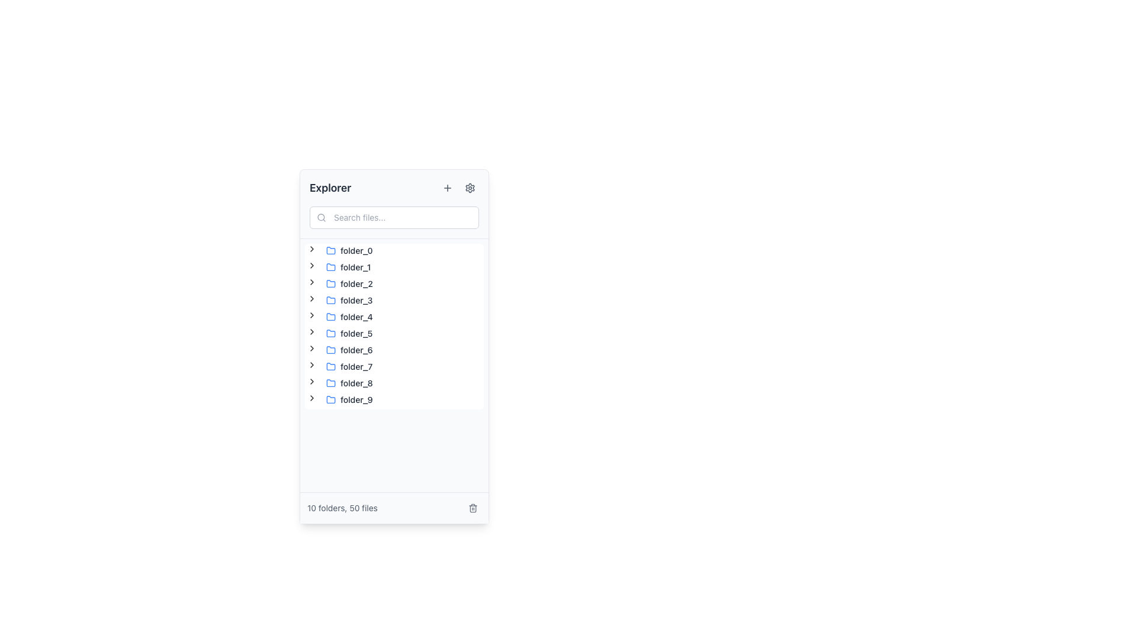 The width and height of the screenshot is (1137, 639). I want to click on the search functionality by clicking on the circular search icon located within the Explorer's search bar, slightly towards the left side of the window, so click(321, 217).